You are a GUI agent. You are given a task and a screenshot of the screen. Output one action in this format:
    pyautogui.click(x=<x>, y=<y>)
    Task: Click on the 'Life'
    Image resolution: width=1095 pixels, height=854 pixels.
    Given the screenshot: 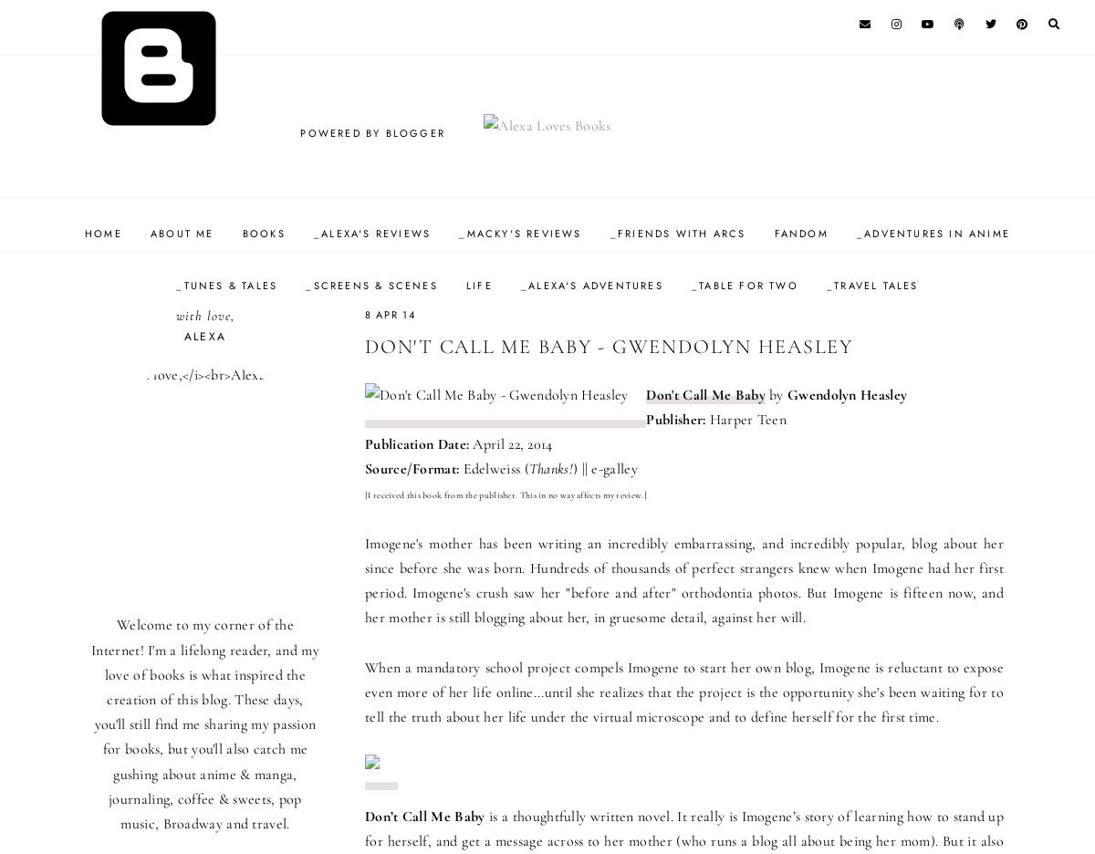 What is the action you would take?
    pyautogui.click(x=464, y=285)
    